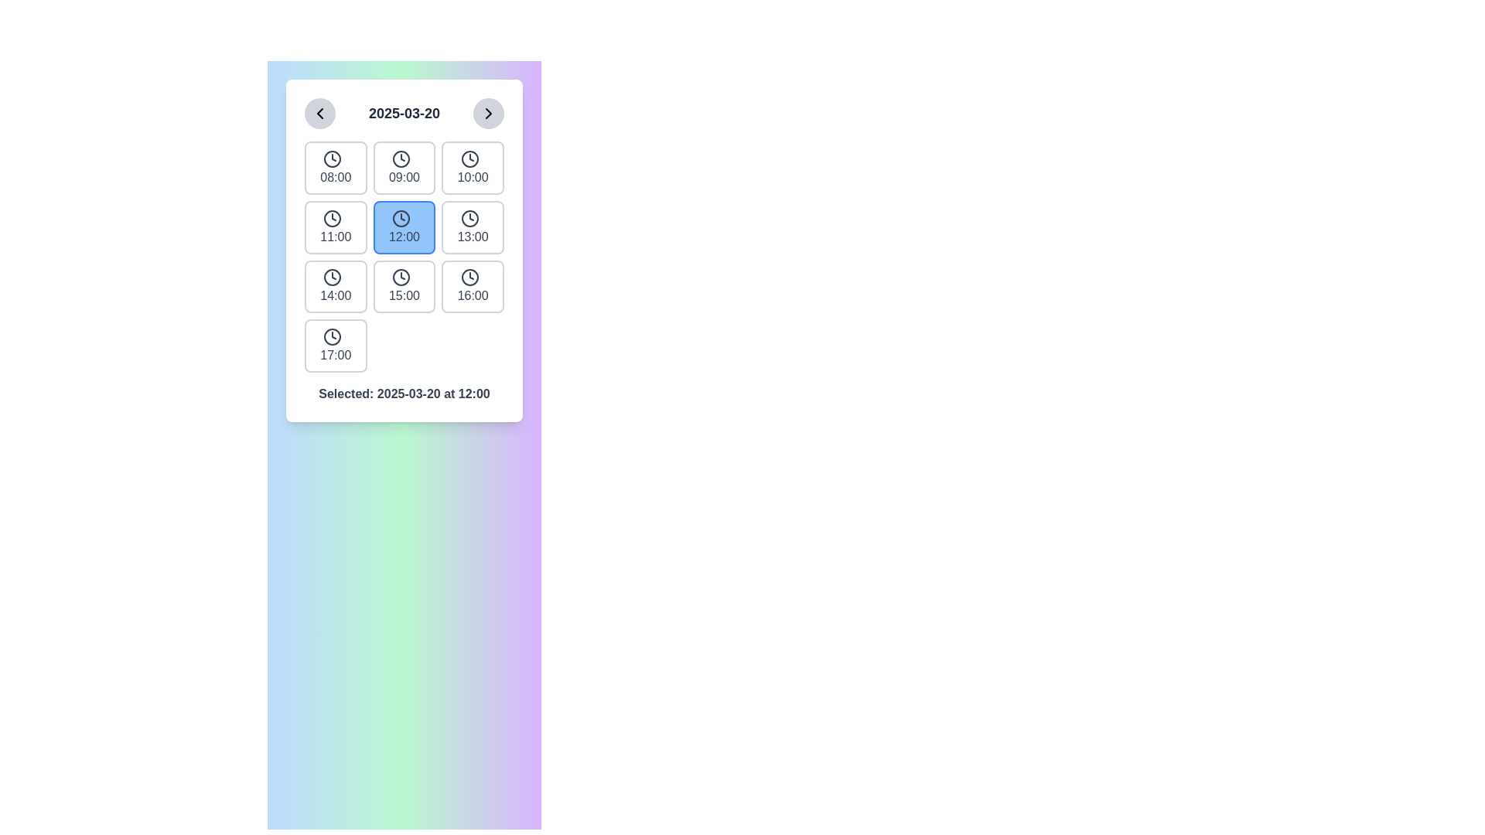 Image resolution: width=1485 pixels, height=835 pixels. Describe the element at coordinates (332, 158) in the screenshot. I see `the clock icon indicating the time selection option next to the time indicator '08:00' in the top-left corner of the grid` at that location.